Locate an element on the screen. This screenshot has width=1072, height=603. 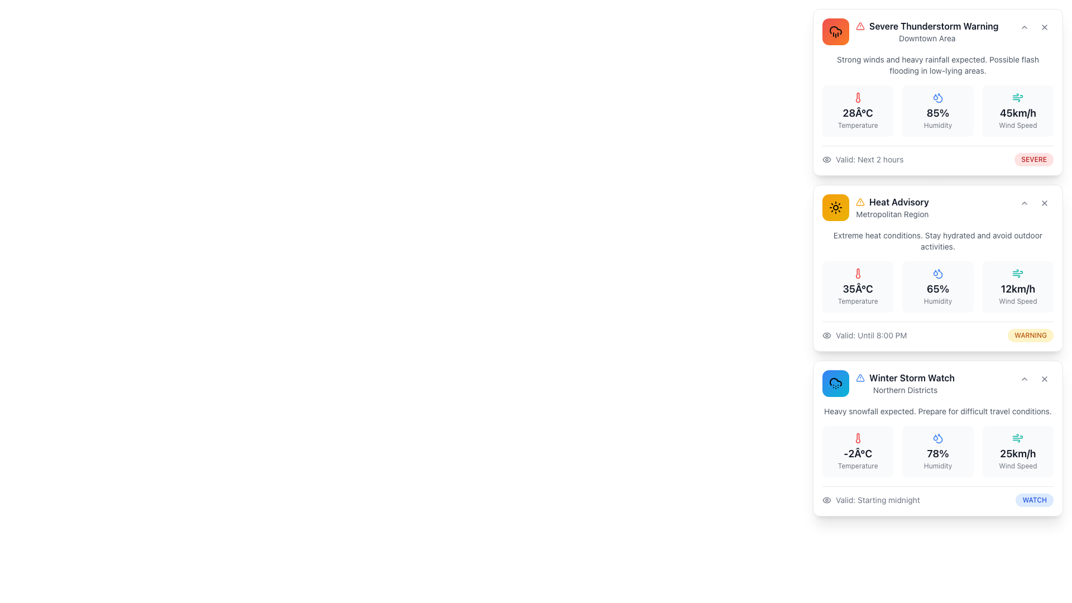
the temperature and humidity data points in the Information Card located beneath the 'Severe Thunderstorm Warning' card and above the 'Winter Storm Watch' card is located at coordinates (938, 285).